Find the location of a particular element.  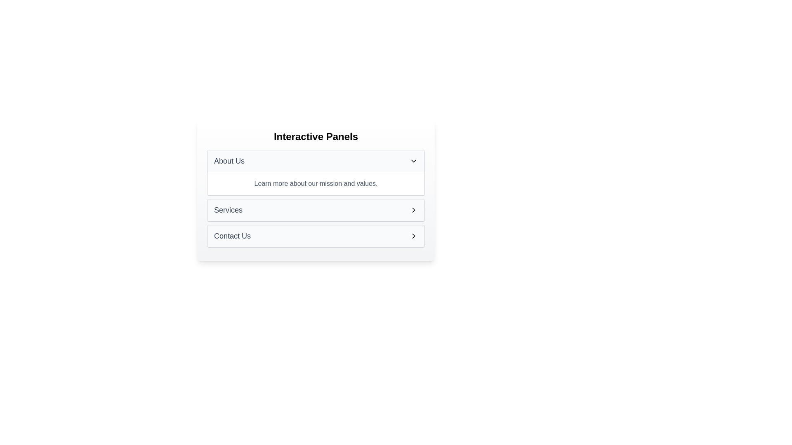

the 'Services' button located in the middle of the interactive options panel is located at coordinates (316, 209).